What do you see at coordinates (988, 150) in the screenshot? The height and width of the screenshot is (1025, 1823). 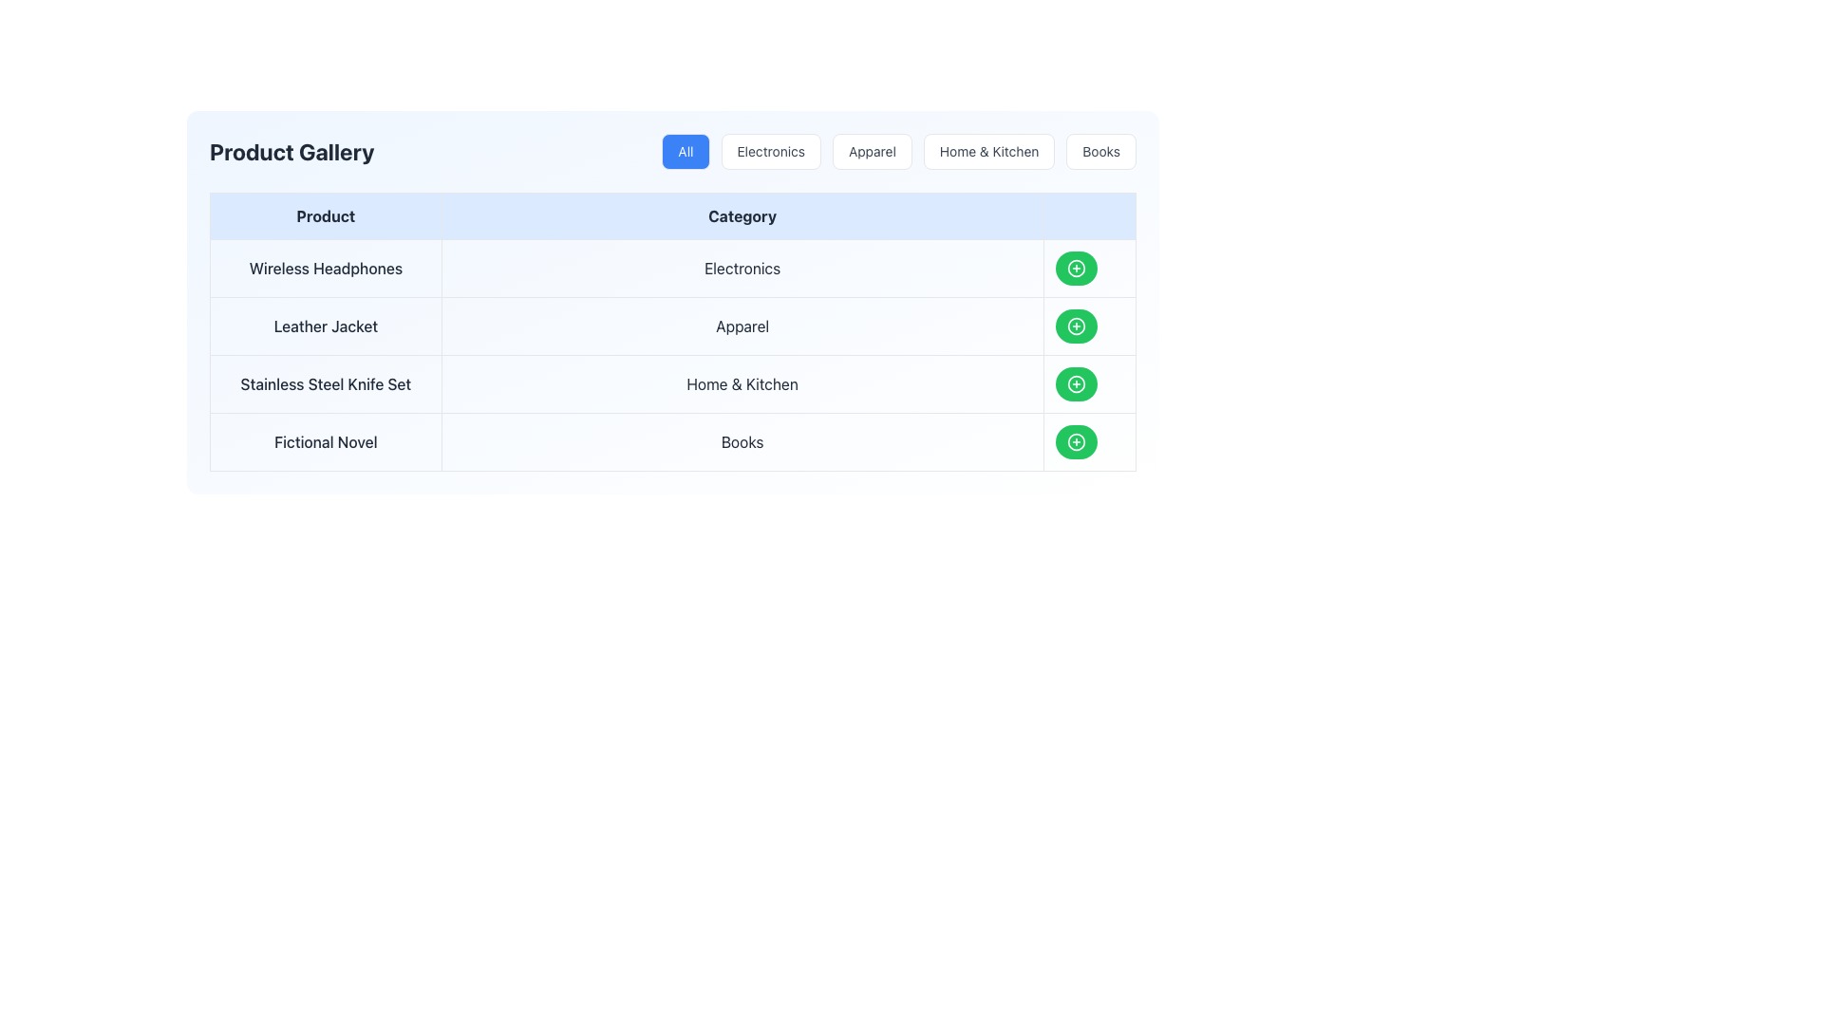 I see `the 'Home & Kitchen' button, which is the fourth button in a horizontal list, located between 'Apparel' and 'Books' at the top-central area of the interface` at bounding box center [988, 150].